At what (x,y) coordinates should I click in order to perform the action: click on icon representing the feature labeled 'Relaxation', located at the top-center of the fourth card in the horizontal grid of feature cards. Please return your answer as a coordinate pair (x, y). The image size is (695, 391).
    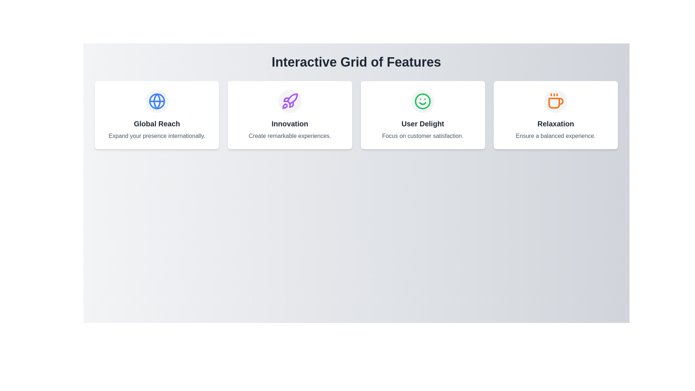
    Looking at the image, I should click on (555, 101).